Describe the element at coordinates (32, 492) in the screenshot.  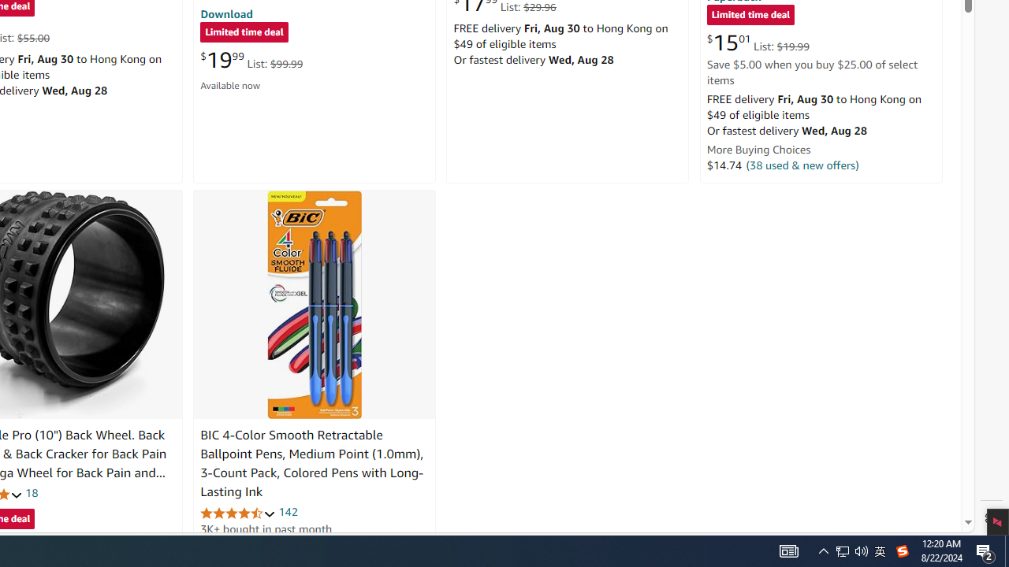
I see `'18'` at that location.